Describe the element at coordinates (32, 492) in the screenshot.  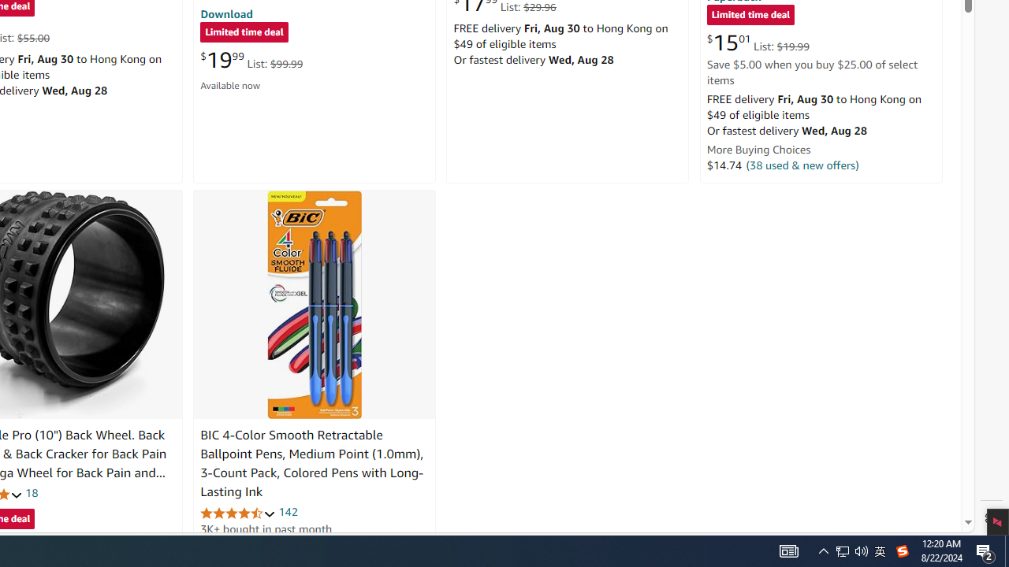
I see `'18'` at that location.